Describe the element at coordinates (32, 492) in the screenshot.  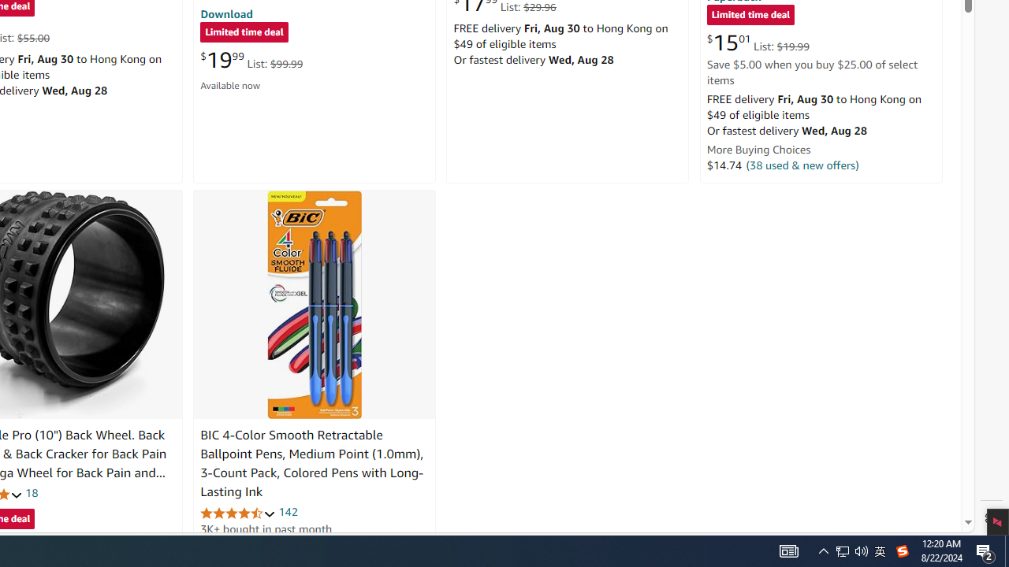
I see `'18'` at that location.